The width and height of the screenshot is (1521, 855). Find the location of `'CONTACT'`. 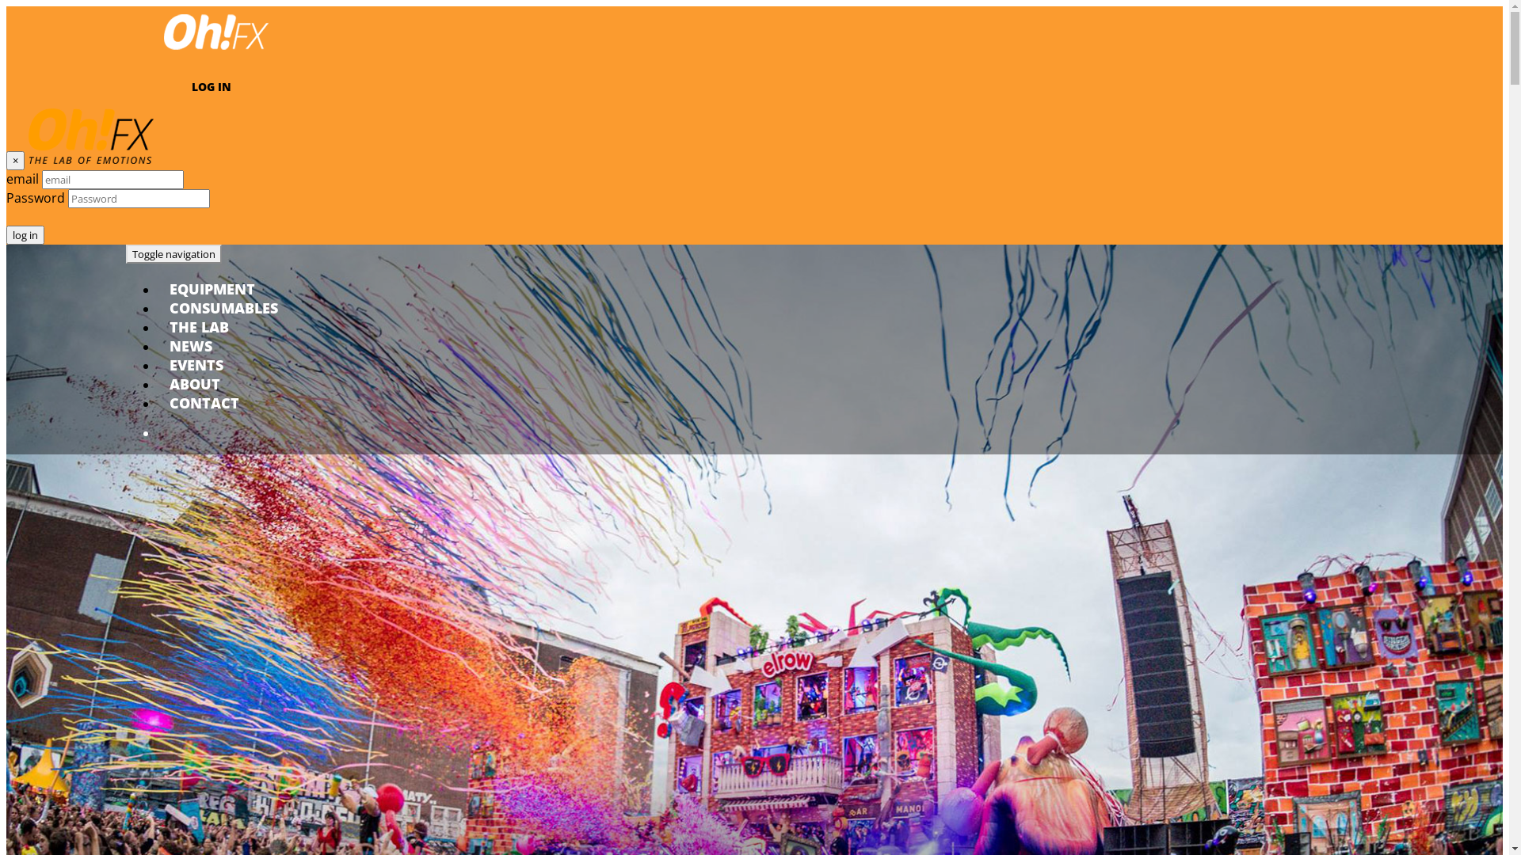

'CONTACT' is located at coordinates (204, 402).